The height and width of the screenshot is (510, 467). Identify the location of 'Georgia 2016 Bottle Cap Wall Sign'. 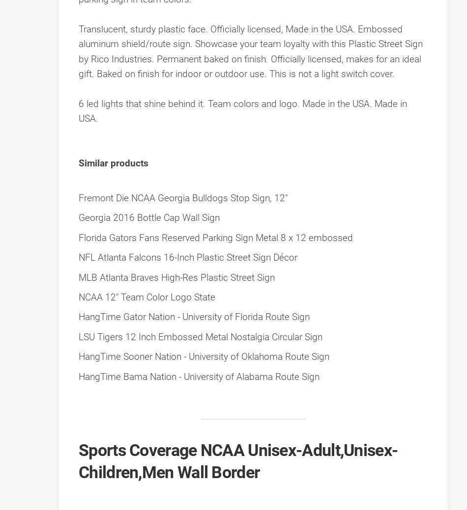
(78, 217).